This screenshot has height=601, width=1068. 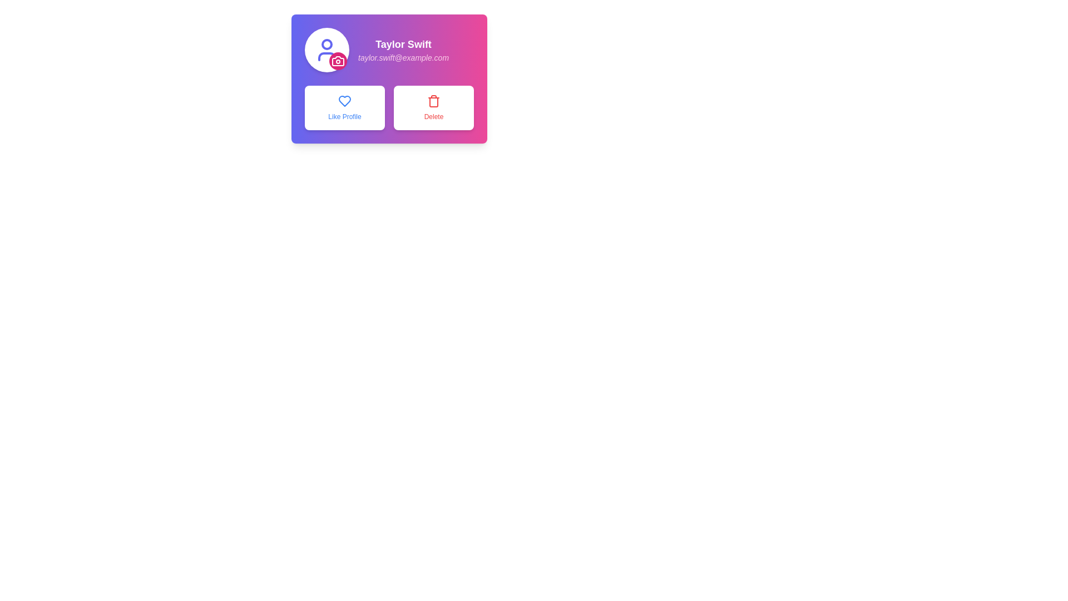 I want to click on the 'Like Profile' button, which is a rectangular button with a white background and rounded corners, located in the lower-left corner of the profile card interface, so click(x=344, y=107).